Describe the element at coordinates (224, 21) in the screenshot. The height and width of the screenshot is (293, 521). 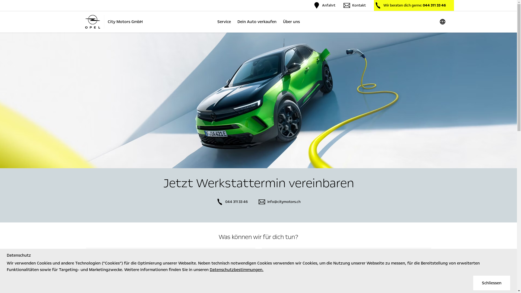
I see `'Service'` at that location.